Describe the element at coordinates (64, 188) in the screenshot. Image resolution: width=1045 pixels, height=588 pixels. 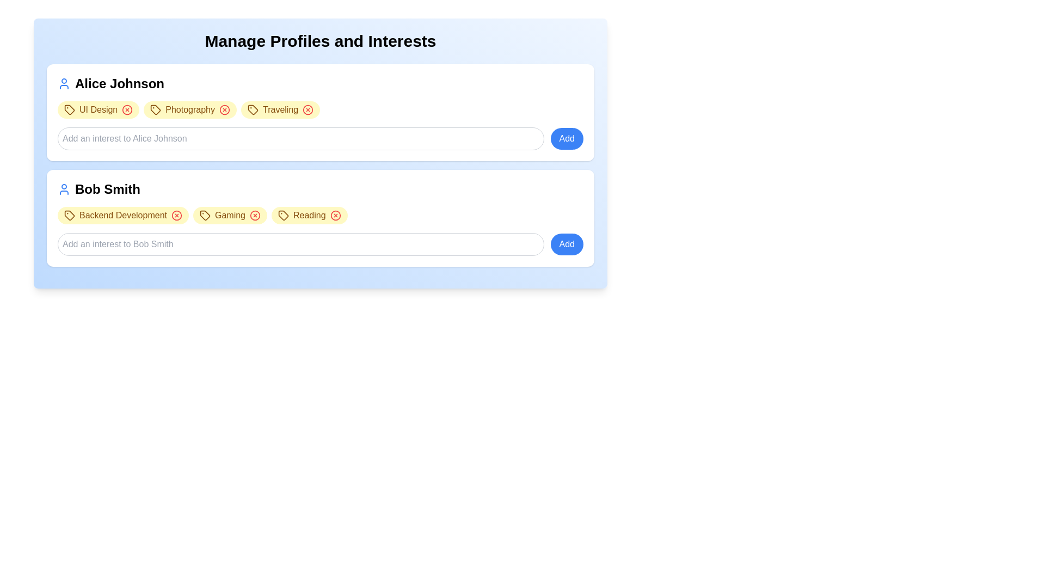
I see `the user profile icon represented by a blue outlined head-and-shoulders silhouette, located to the left of the text 'Bob Smith'` at that location.